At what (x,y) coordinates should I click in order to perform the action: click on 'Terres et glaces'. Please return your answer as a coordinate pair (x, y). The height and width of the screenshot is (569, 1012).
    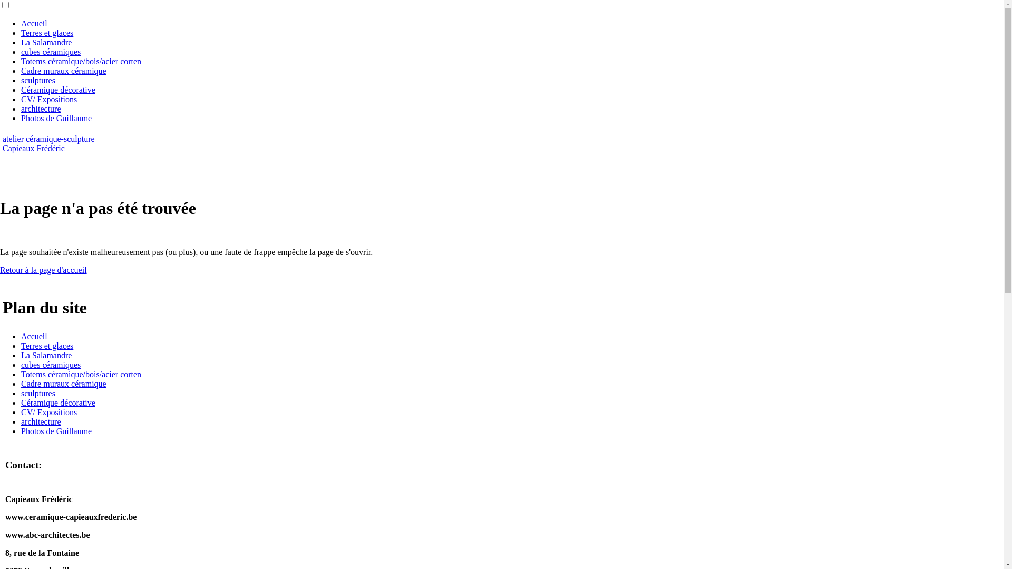
    Looking at the image, I should click on (46, 32).